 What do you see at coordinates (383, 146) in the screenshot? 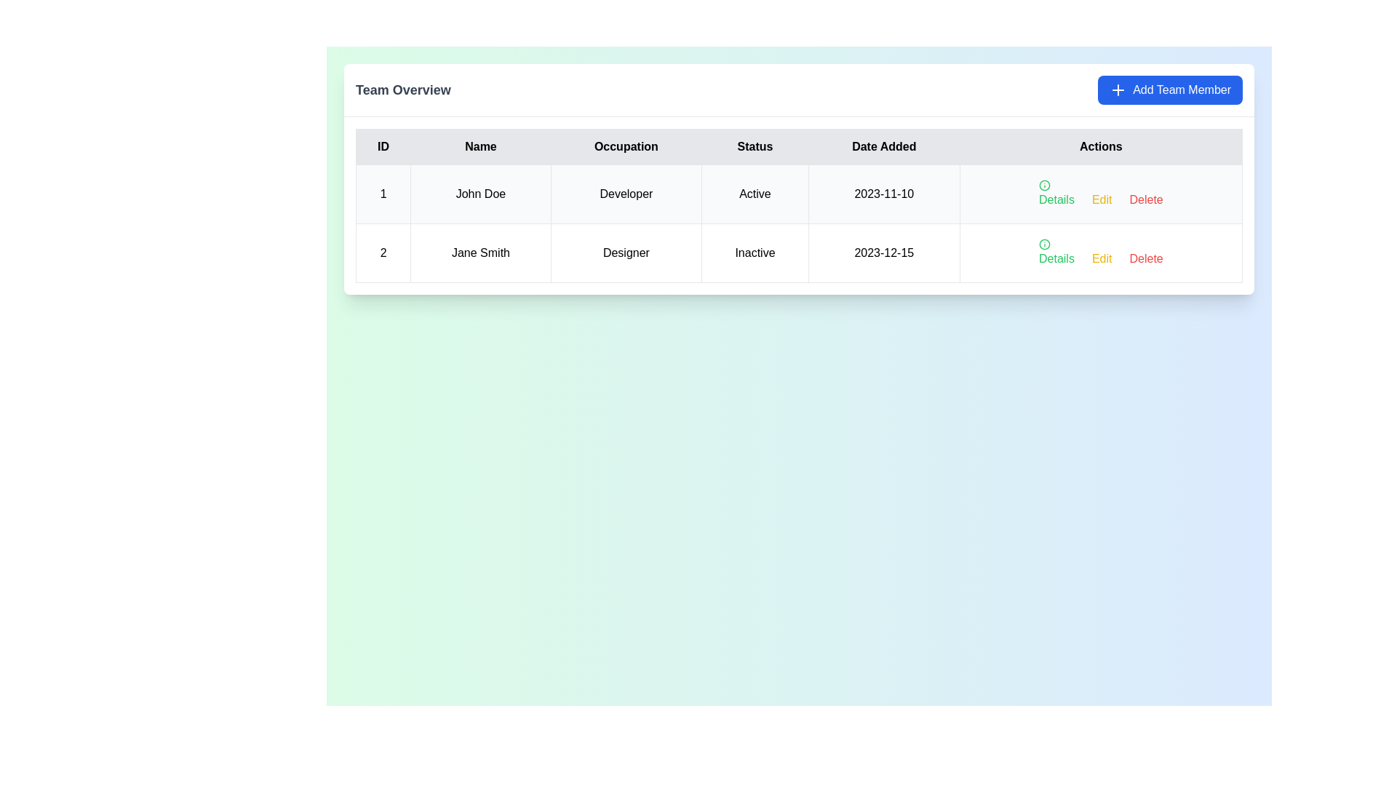
I see `the table header cell labeled 'ID', which serves as the descriptor for the 'ID' column in the table` at bounding box center [383, 146].